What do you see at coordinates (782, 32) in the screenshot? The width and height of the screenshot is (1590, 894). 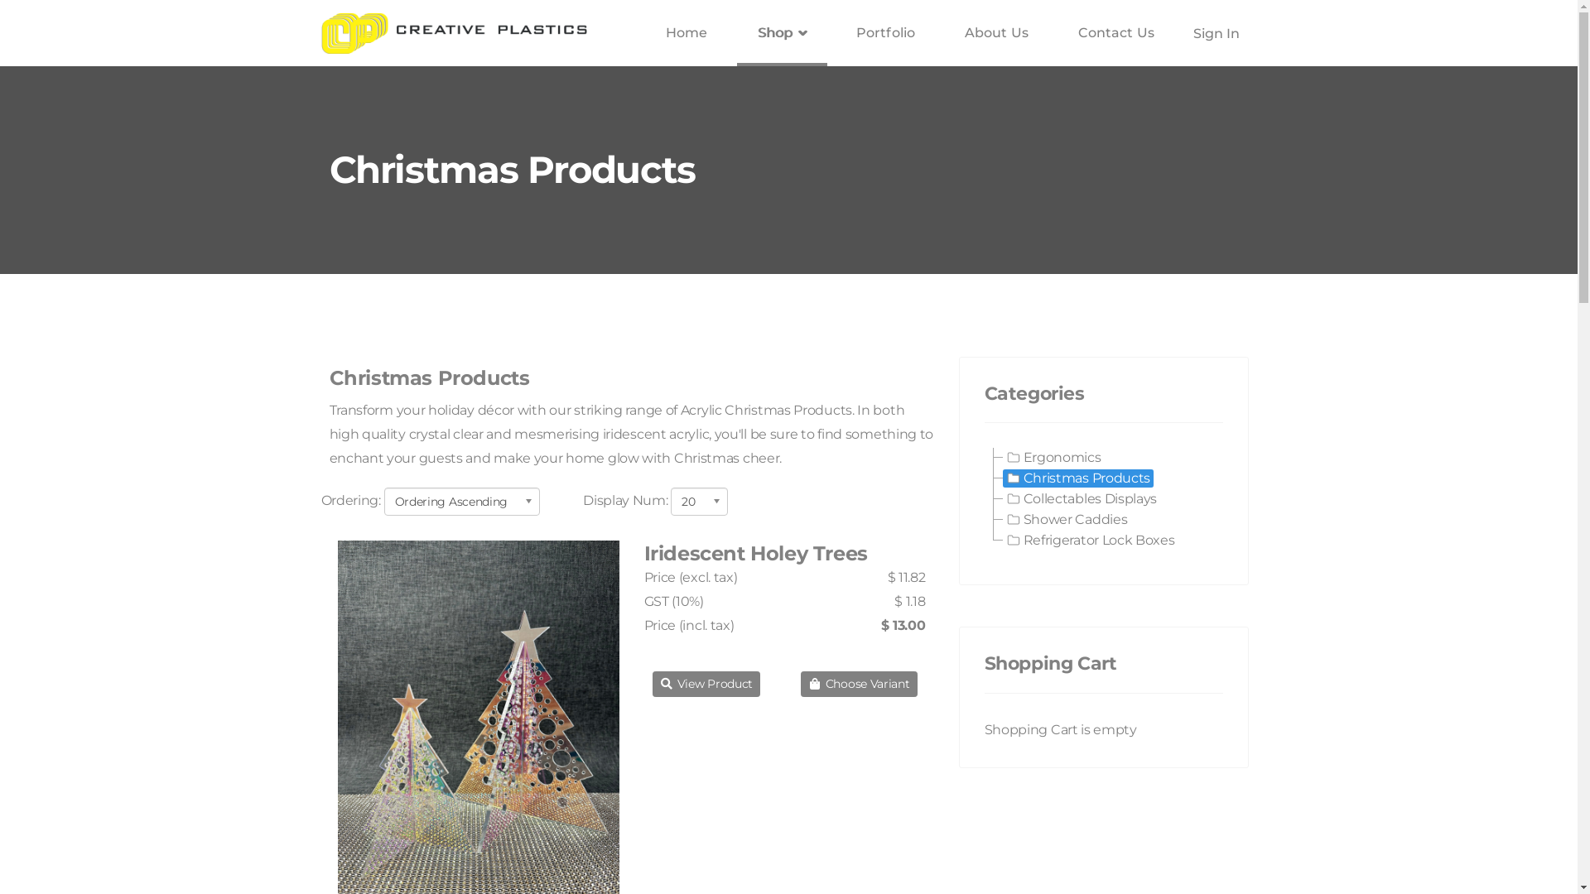 I see `'Shop'` at bounding box center [782, 32].